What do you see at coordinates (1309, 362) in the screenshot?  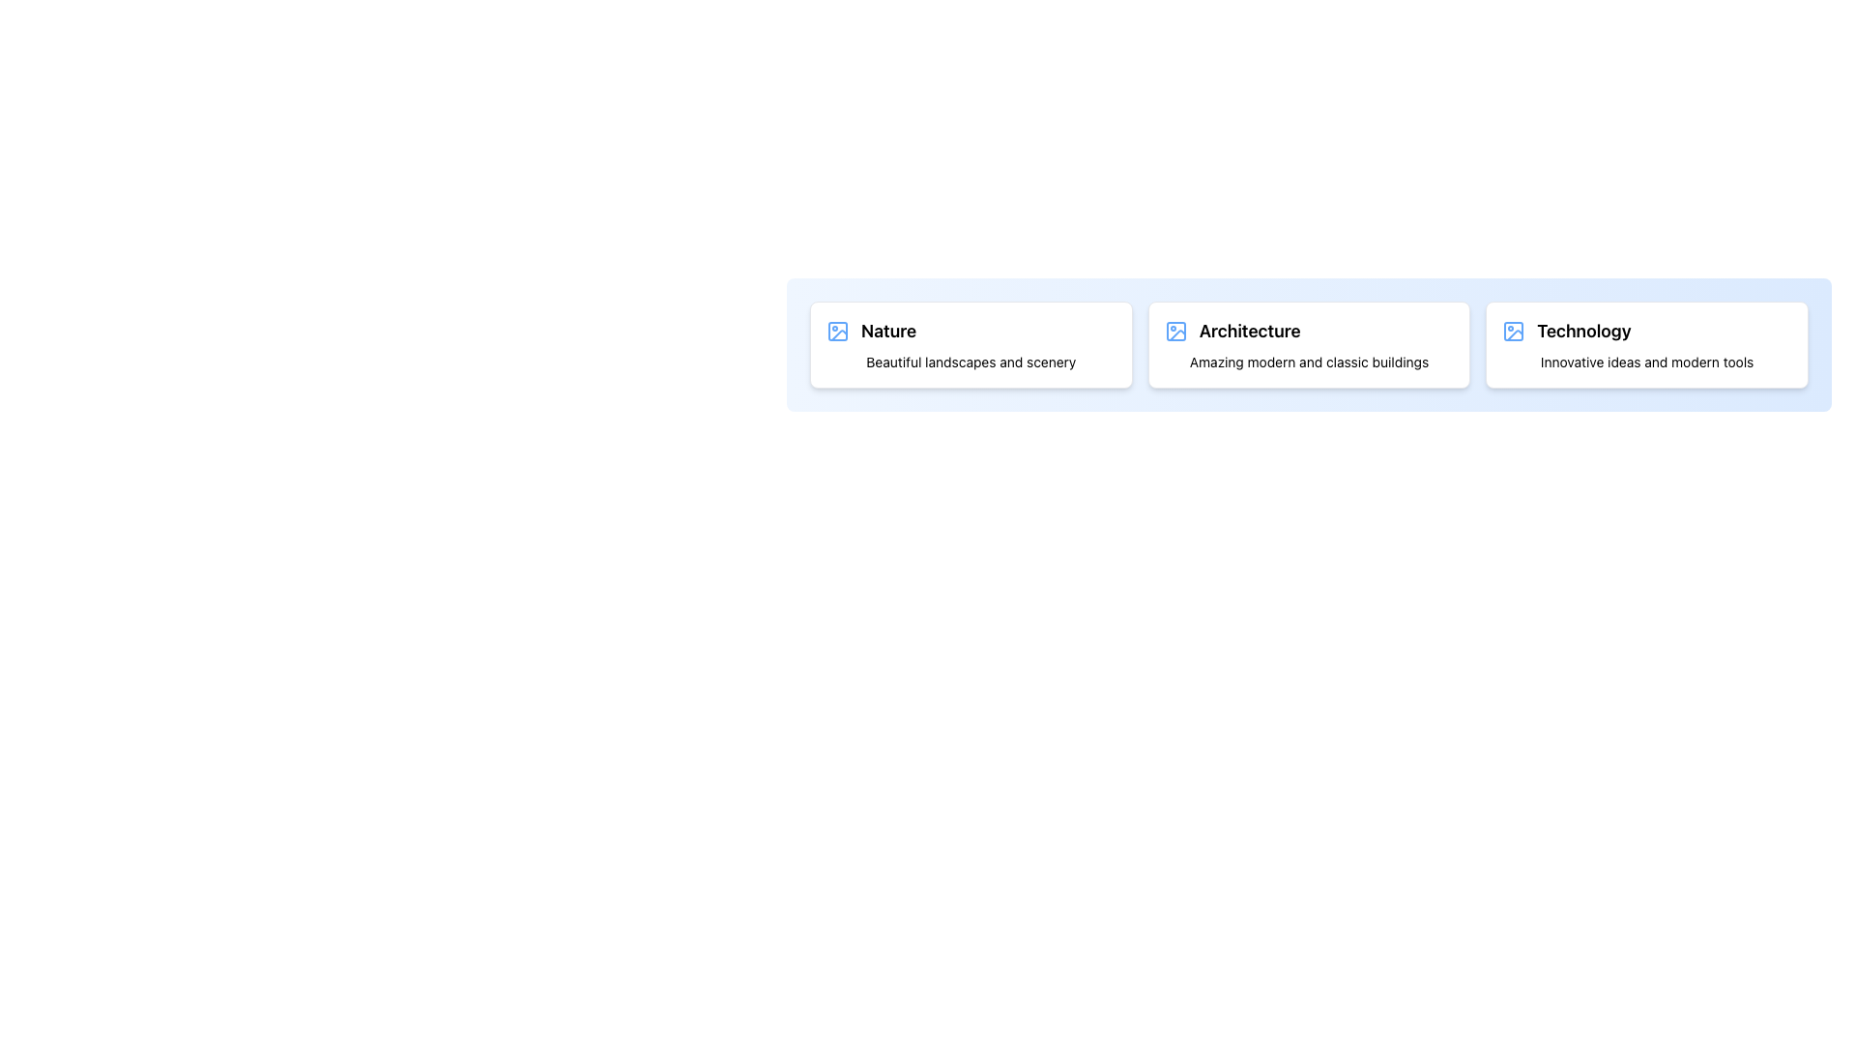 I see `the Text label that provides additional information about the 'Architecture' category within the card interface` at bounding box center [1309, 362].